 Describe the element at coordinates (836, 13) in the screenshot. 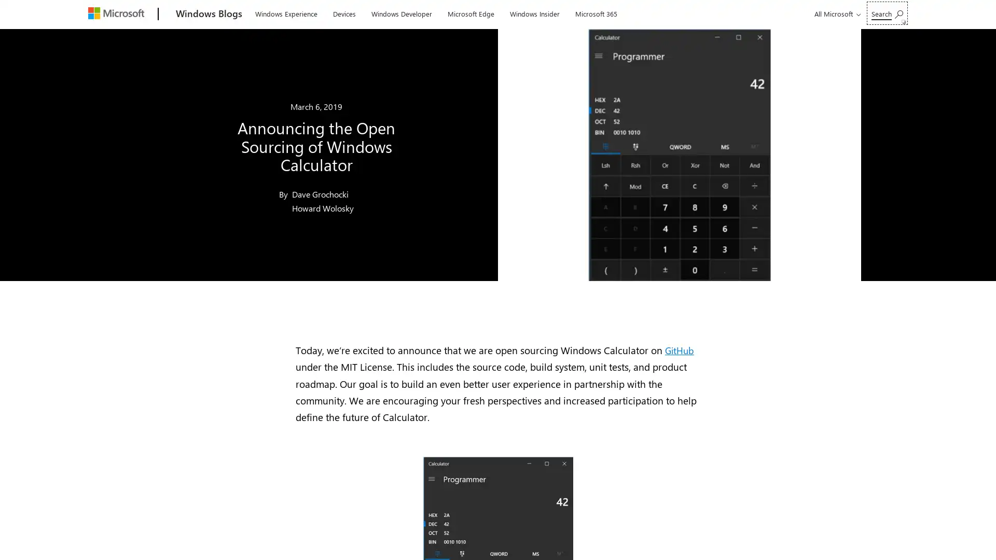

I see `All Microsoft expand to see list of Microsoft products and services` at that location.